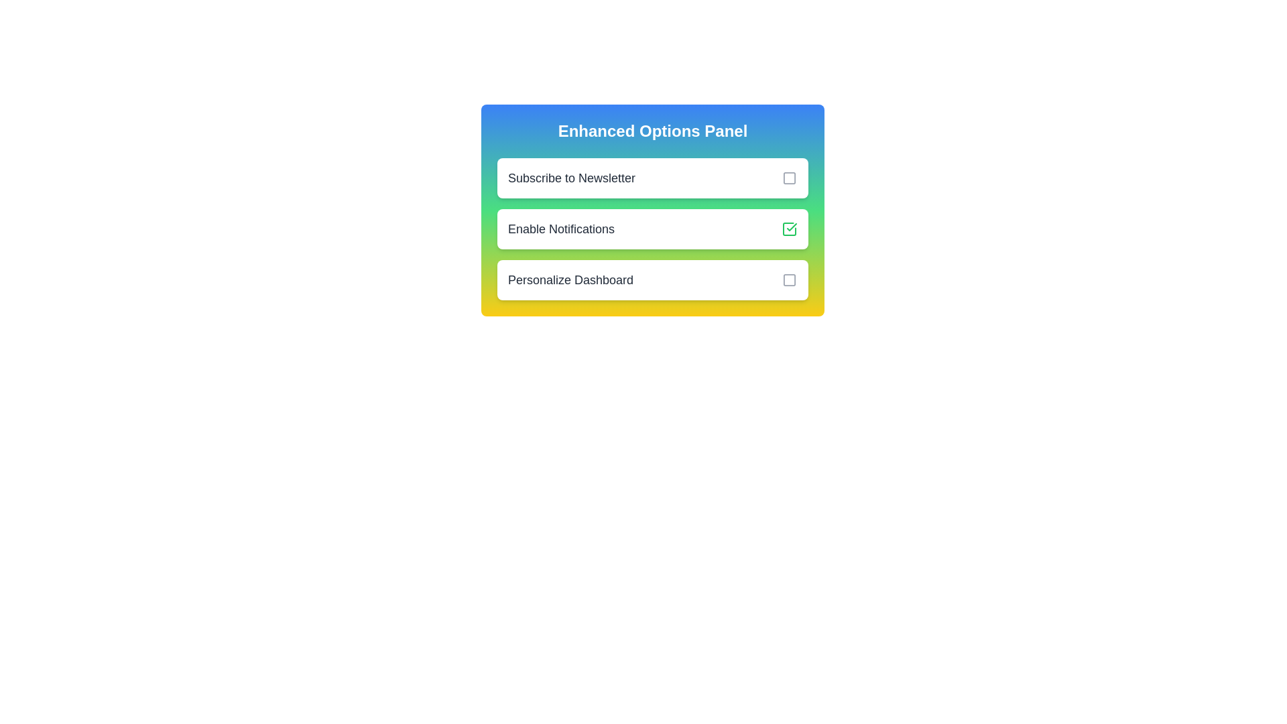  I want to click on the checkbox next to 'Enable Notifications' to toggle its state, so click(789, 229).